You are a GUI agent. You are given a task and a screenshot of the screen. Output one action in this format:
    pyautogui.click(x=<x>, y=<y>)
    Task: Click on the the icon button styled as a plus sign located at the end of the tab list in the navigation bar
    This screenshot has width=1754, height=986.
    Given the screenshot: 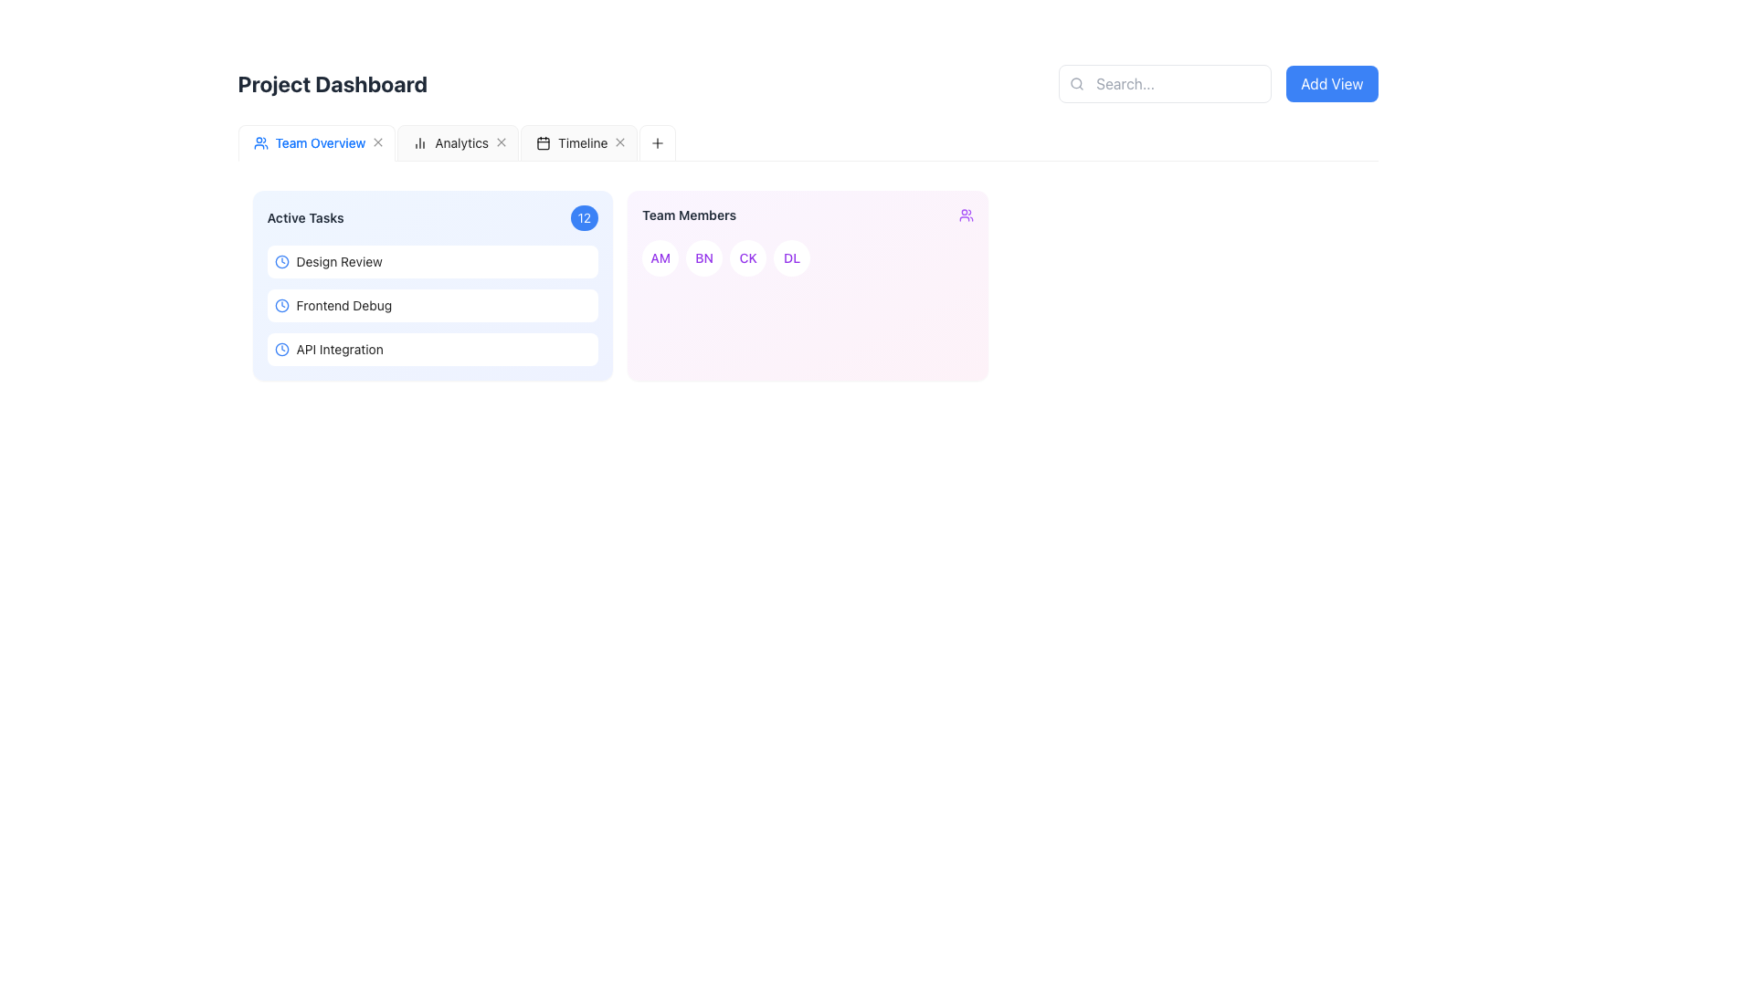 What is the action you would take?
    pyautogui.click(x=257, y=142)
    